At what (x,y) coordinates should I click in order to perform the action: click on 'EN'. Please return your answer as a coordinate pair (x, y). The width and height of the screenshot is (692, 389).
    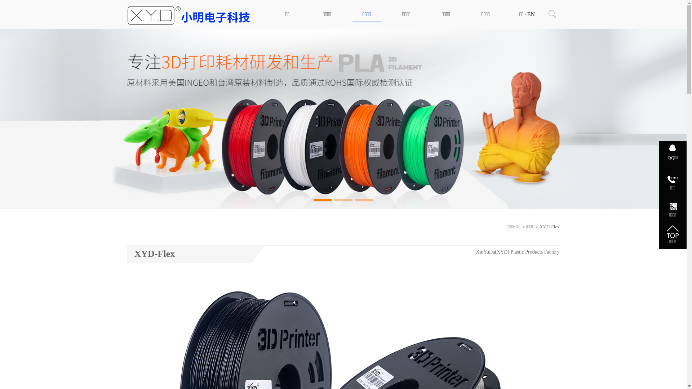
    Looking at the image, I should click on (527, 14).